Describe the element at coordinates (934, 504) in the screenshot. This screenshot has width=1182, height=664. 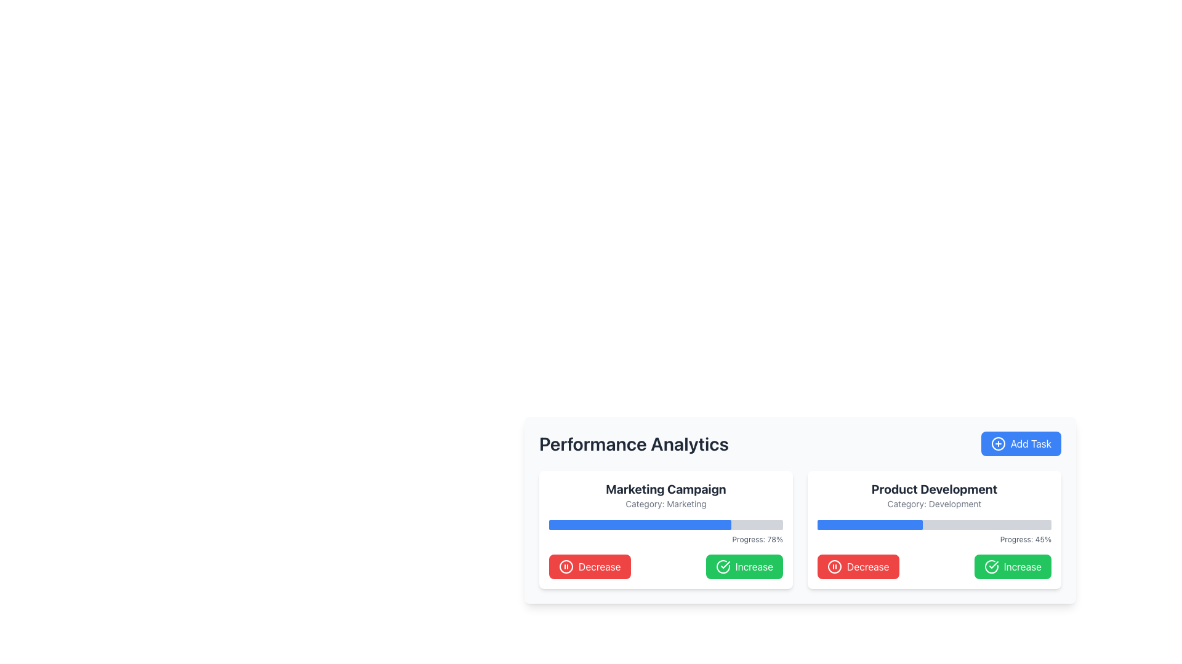
I see `the text label that provides categorical information about the associated content or project, located within the 'Product Development' card, below the main title and above the progress bar` at that location.